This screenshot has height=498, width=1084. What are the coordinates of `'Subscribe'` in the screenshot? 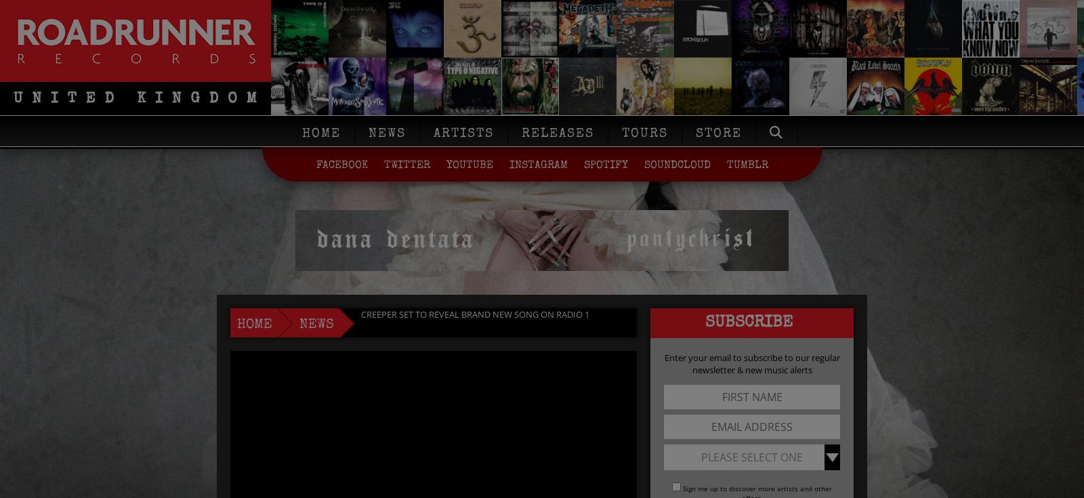 It's located at (705, 323).